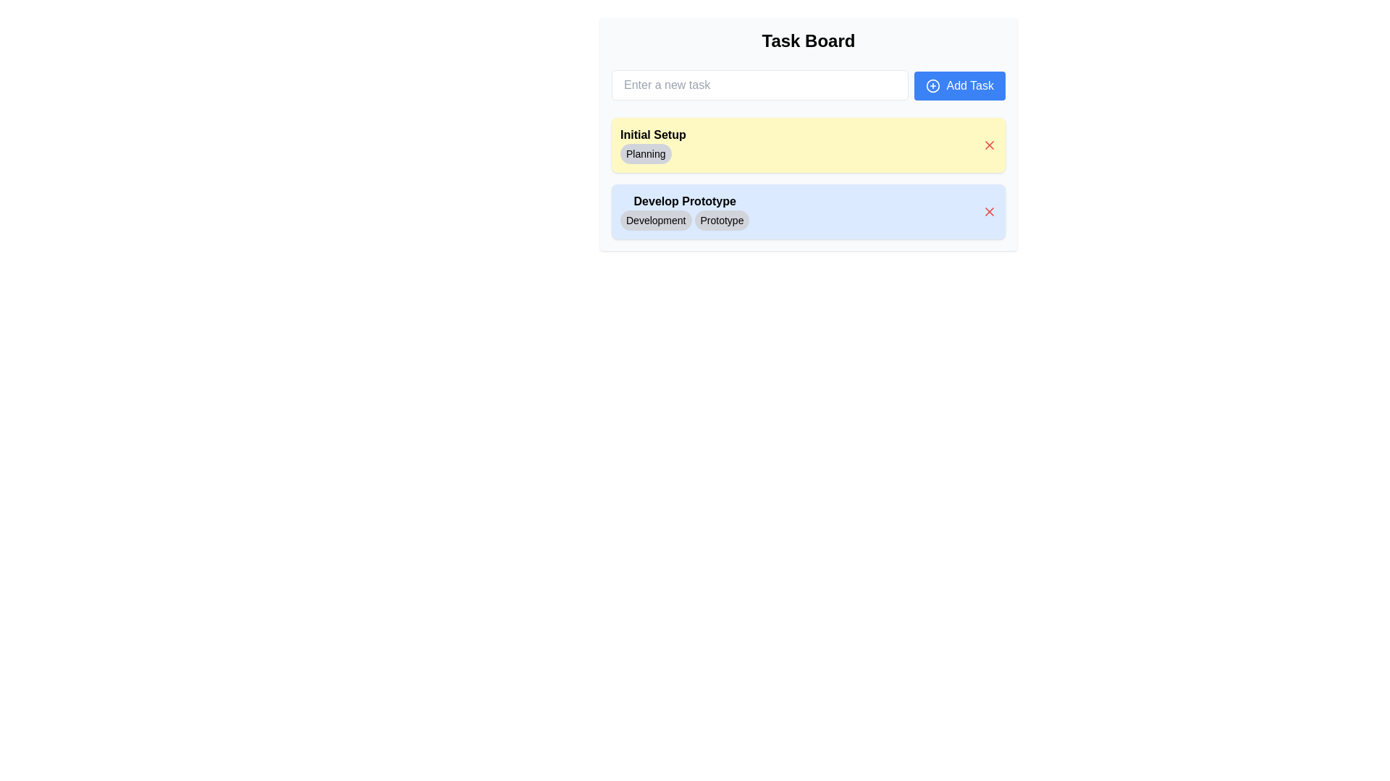  Describe the element at coordinates (933, 86) in the screenshot. I see `the icon representing the 'Add Task' functionality, located to the left of the 'Add Task' button's label` at that location.